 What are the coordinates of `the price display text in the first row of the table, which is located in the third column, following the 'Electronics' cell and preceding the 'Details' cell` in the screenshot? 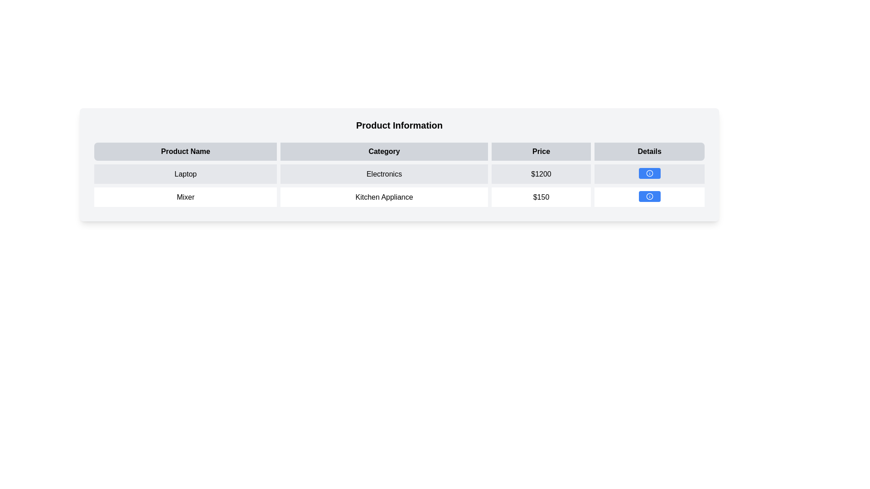 It's located at (541, 174).